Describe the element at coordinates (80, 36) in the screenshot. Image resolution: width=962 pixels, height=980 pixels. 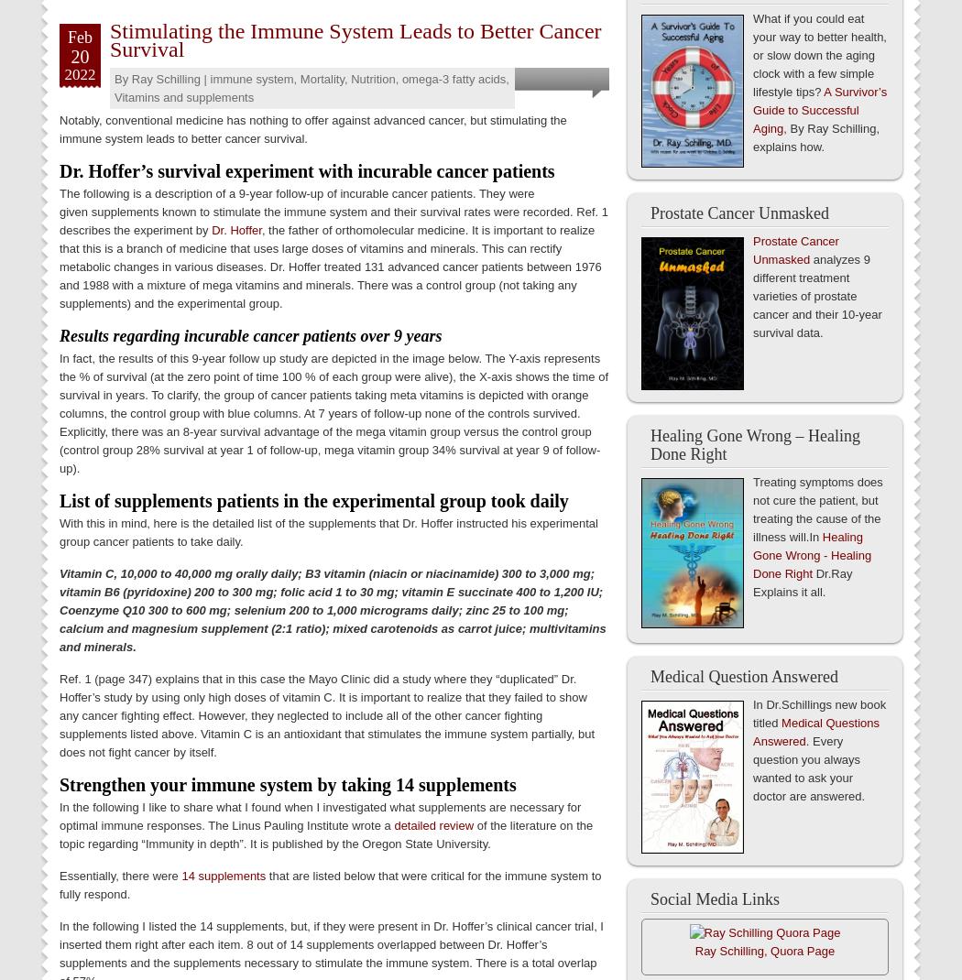
I see `'Feb'` at that location.